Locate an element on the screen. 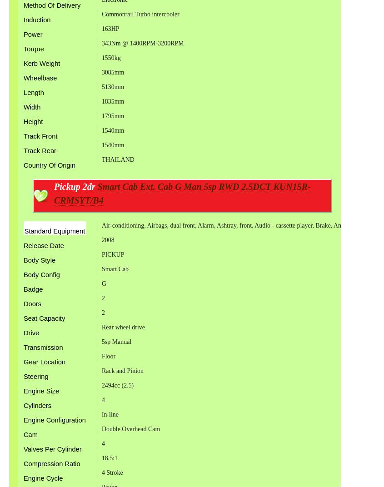 This screenshot has width=384, height=487. 'Transmission' is located at coordinates (43, 347).